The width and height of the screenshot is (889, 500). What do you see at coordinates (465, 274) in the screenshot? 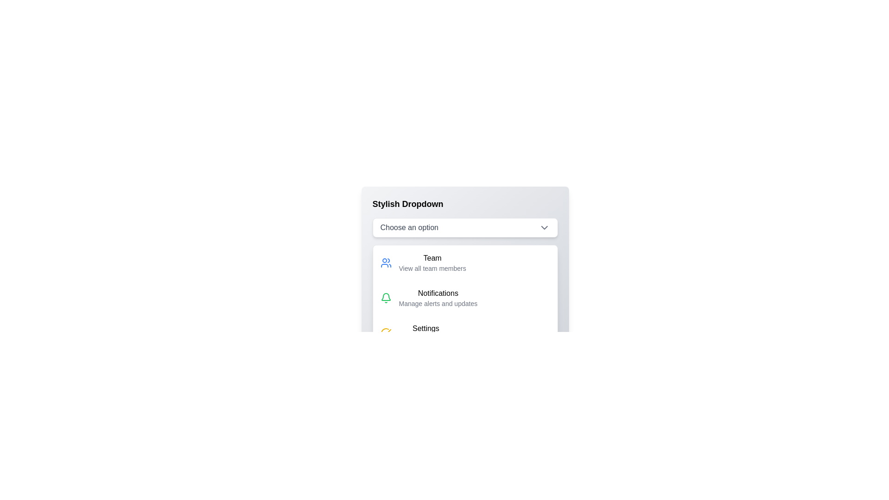
I see `the first menu item in the dropdown menu labeled 'Stylish Dropdown'` at bounding box center [465, 274].